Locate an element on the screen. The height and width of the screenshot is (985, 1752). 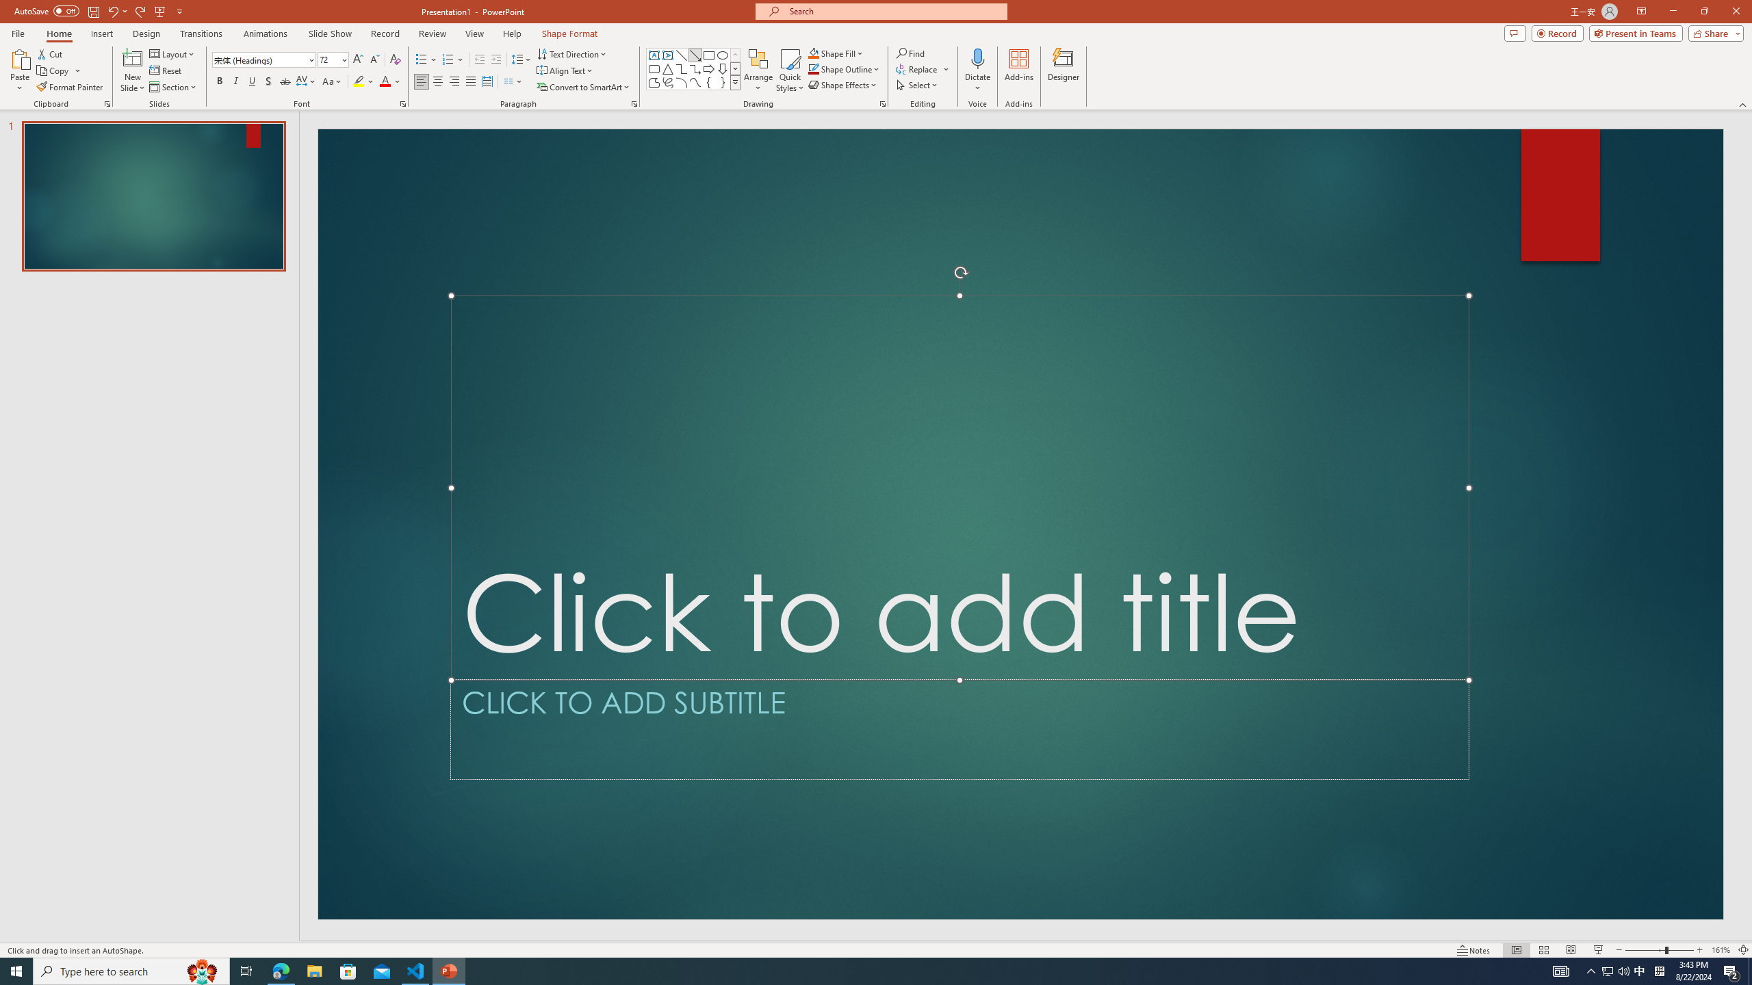
'Font Color' is located at coordinates (390, 81).